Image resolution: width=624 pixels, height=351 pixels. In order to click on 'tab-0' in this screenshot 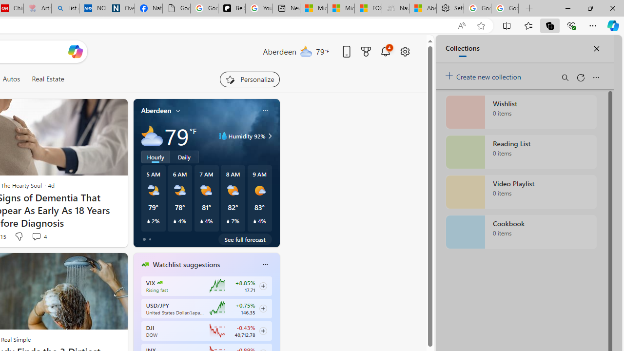, I will do `click(143, 239)`.